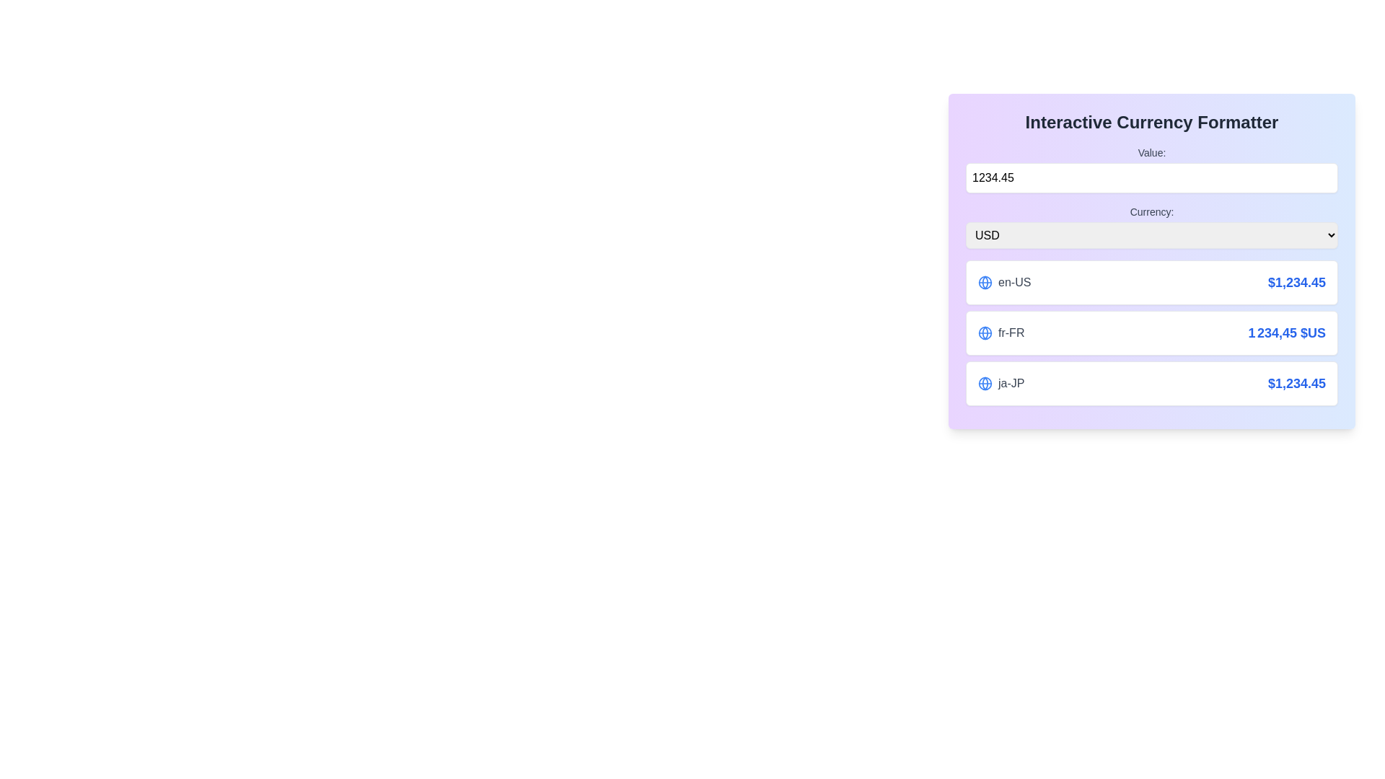 The width and height of the screenshot is (1385, 779). Describe the element at coordinates (1011, 383) in the screenshot. I see `the label displaying the text 'ja-JP', which is part of a language code list and positioned between a globe icon and a number display ('$1,234.45')` at that location.